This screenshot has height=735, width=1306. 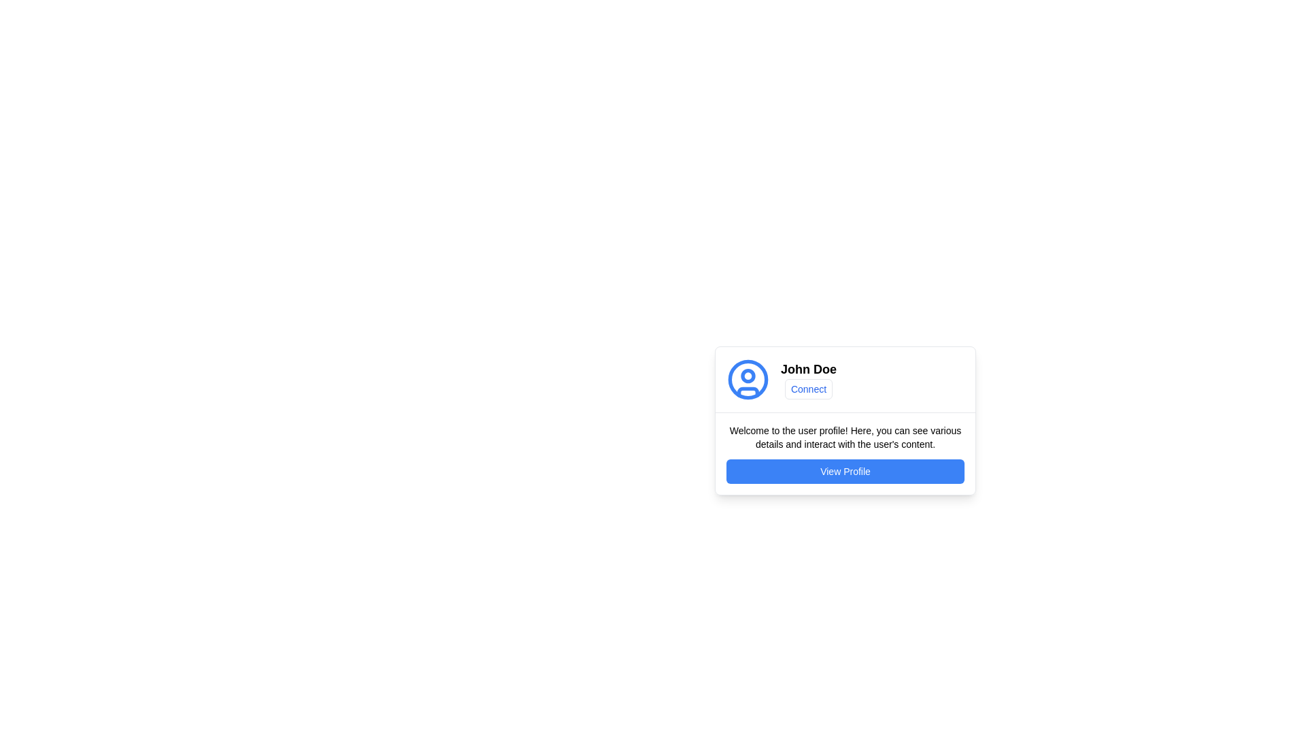 I want to click on the 'Connect' button, which is a small interactive button with blue text and a rounded outline, located below the 'John Doe' label, so click(x=809, y=389).